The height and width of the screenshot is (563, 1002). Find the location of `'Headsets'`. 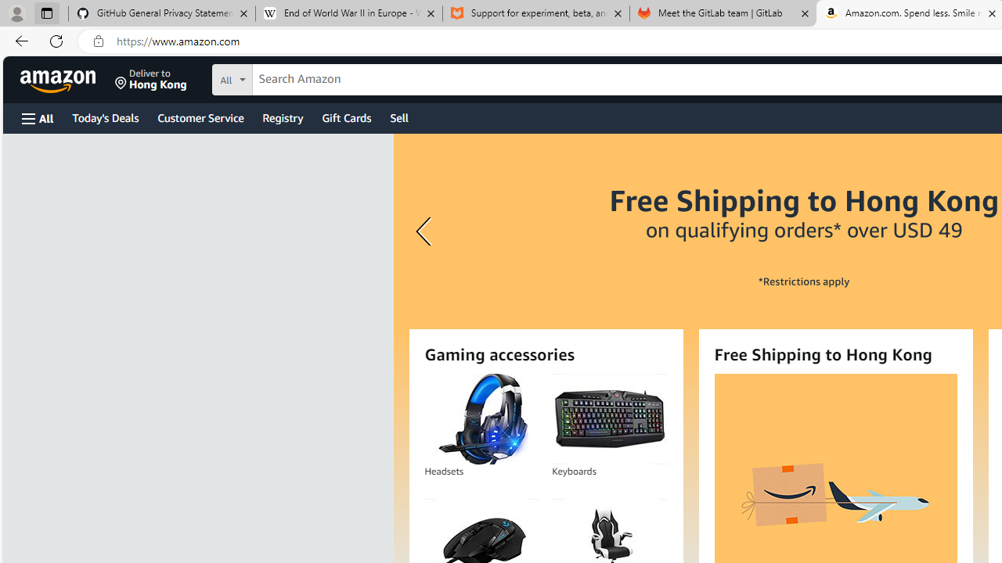

'Headsets' is located at coordinates (481, 418).